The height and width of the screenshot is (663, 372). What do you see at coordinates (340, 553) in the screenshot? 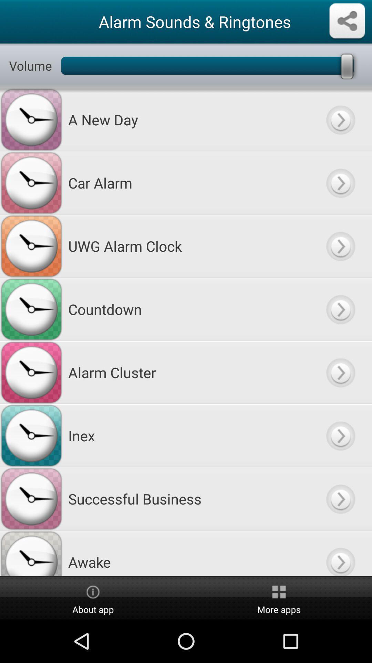
I see `click awake music more details` at bounding box center [340, 553].